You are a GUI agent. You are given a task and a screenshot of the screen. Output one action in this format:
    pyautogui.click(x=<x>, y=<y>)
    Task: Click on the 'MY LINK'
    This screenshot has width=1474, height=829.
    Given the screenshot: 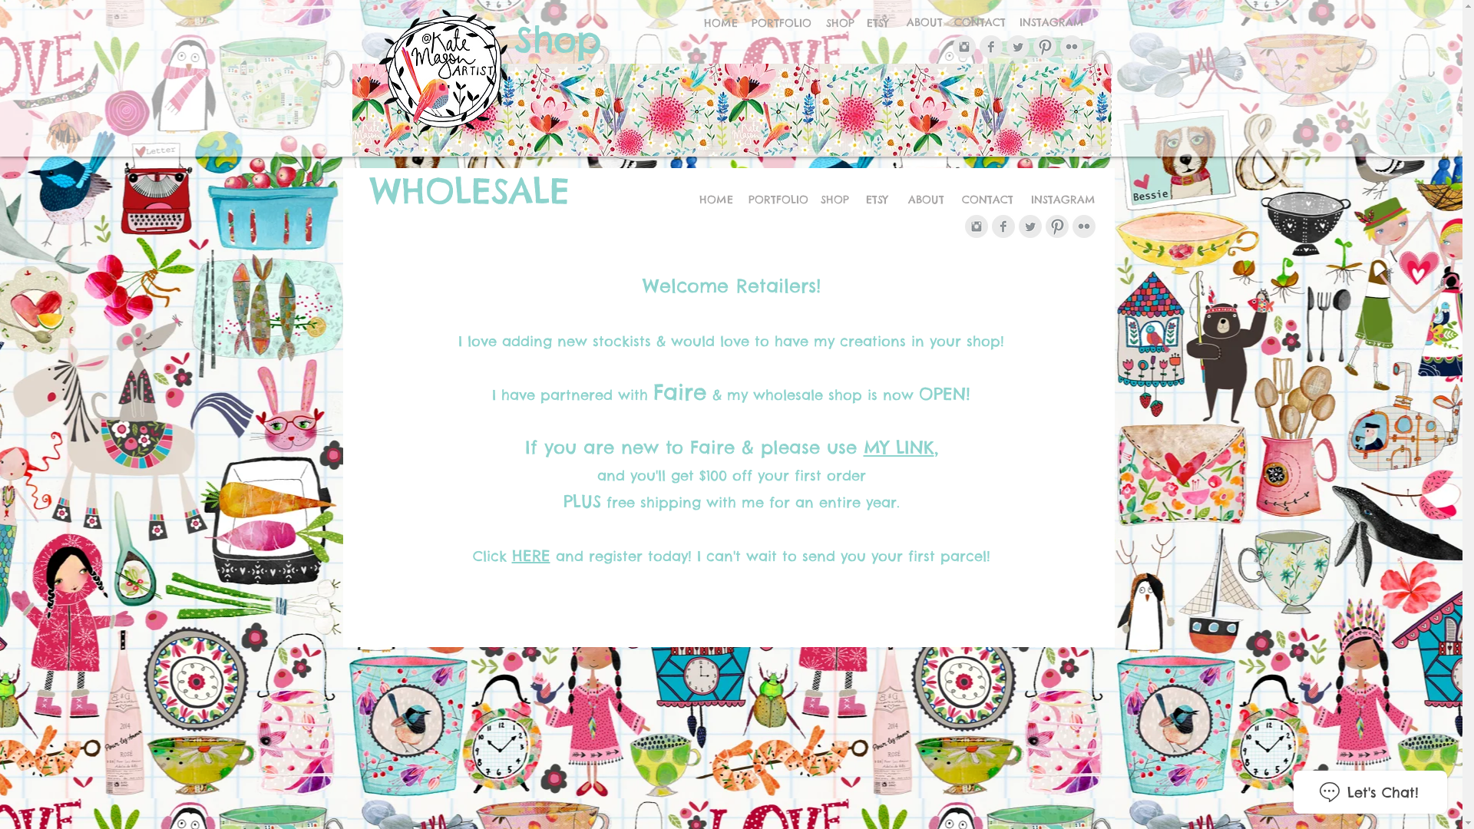 What is the action you would take?
    pyautogui.click(x=862, y=447)
    